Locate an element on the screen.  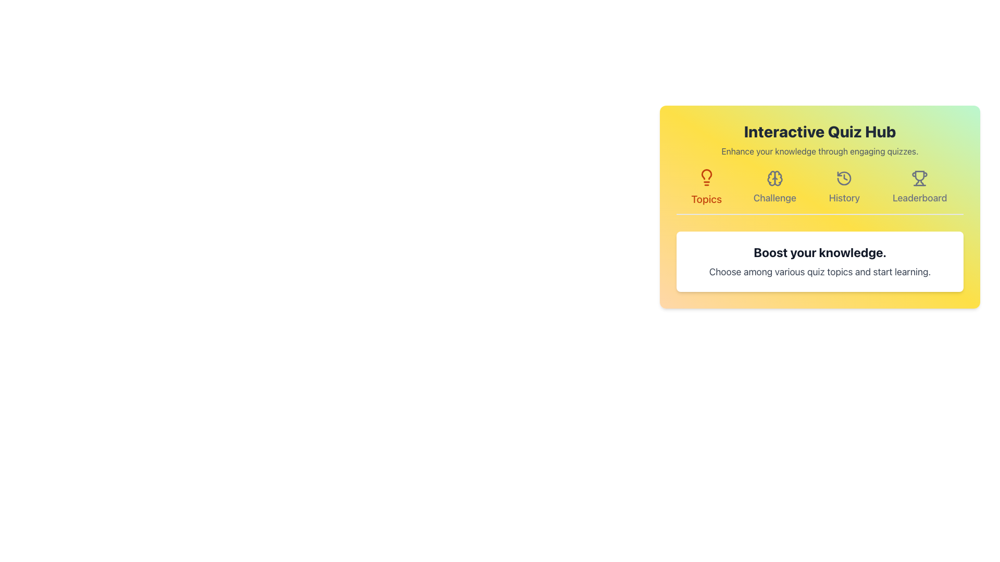
the 'Leaderboard' icon, which is the fourth icon from the left in the header section of the 'Interactive Quiz Hub', located to the right of the 'History' icon is located at coordinates (920, 178).